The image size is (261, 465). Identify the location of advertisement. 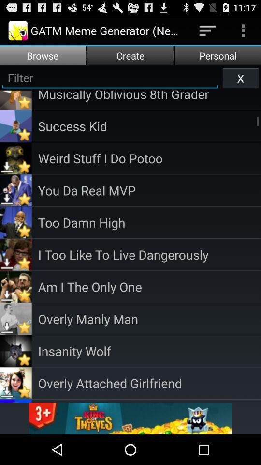
(130, 418).